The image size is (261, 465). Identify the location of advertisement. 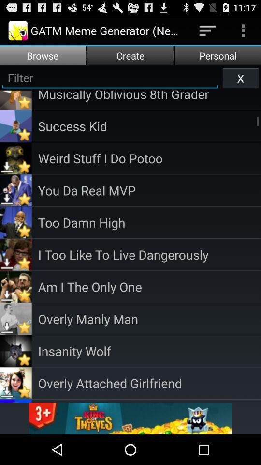
(130, 418).